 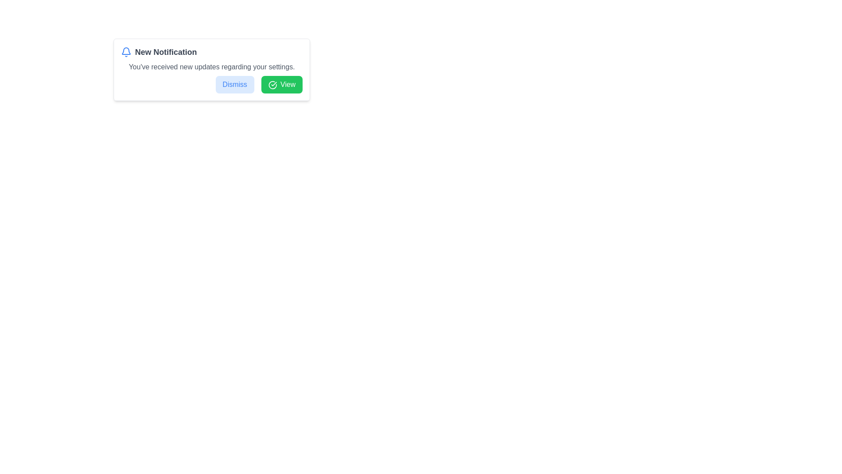 I want to click on the dismiss notification button located to the left of the green 'View' button to visually change its appearance, so click(x=235, y=84).